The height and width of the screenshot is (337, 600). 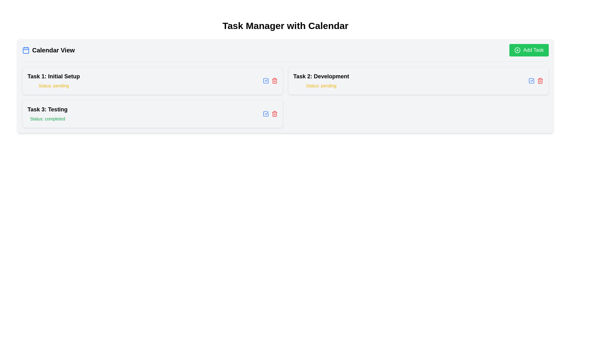 I want to click on status of the task displayed in the informational text block that describes the second task in the vertical sequence, which currently shows 'pending', so click(x=321, y=80).